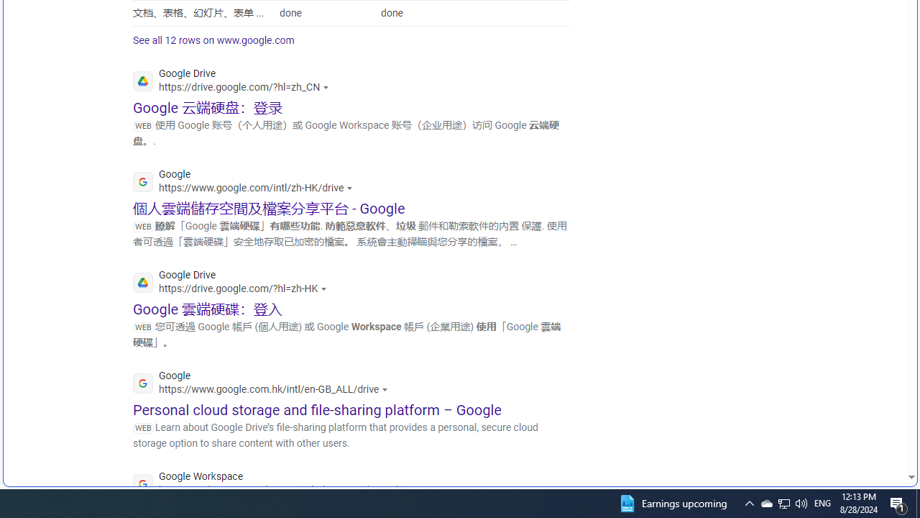 The image size is (920, 518). What do you see at coordinates (143, 484) in the screenshot?
I see `'Global web icon'` at bounding box center [143, 484].